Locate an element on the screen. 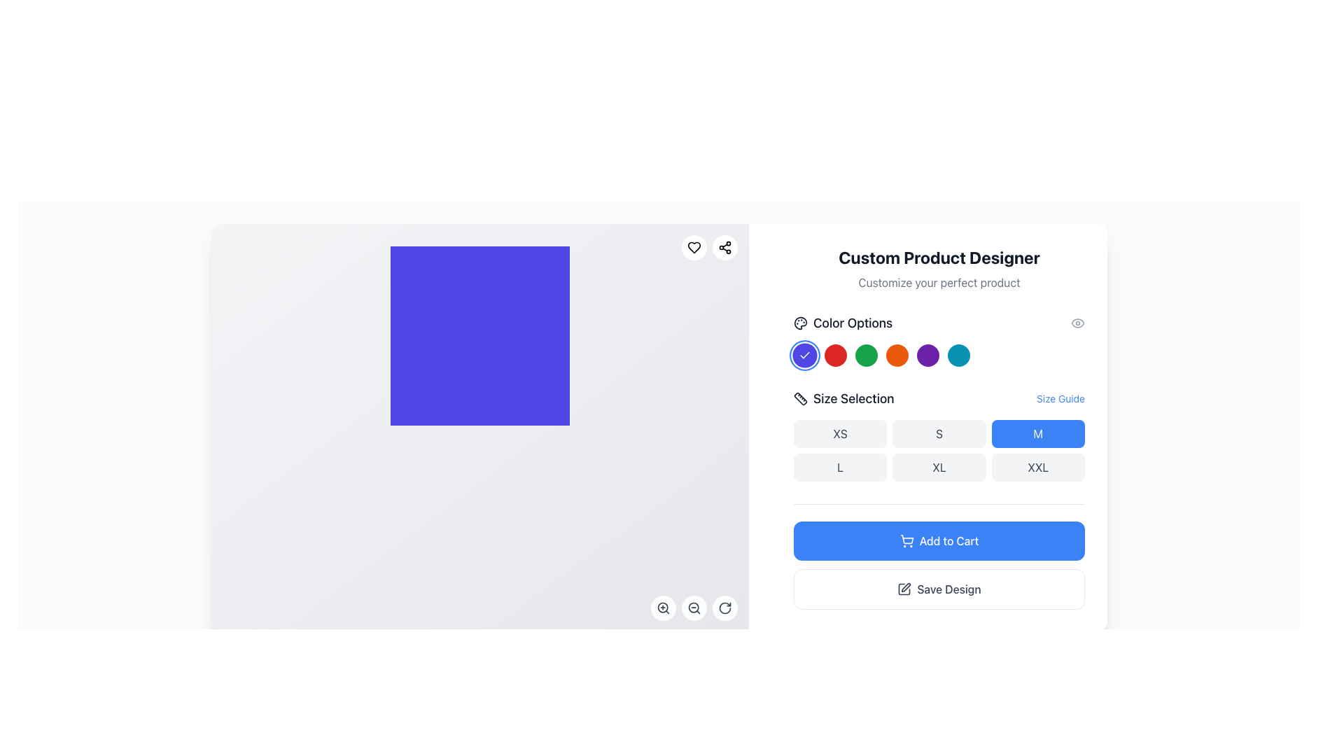  the 'Size Guide' link, which is a blue, underlined text element located to the right of the 'Size Selection' label is located at coordinates (1060, 399).